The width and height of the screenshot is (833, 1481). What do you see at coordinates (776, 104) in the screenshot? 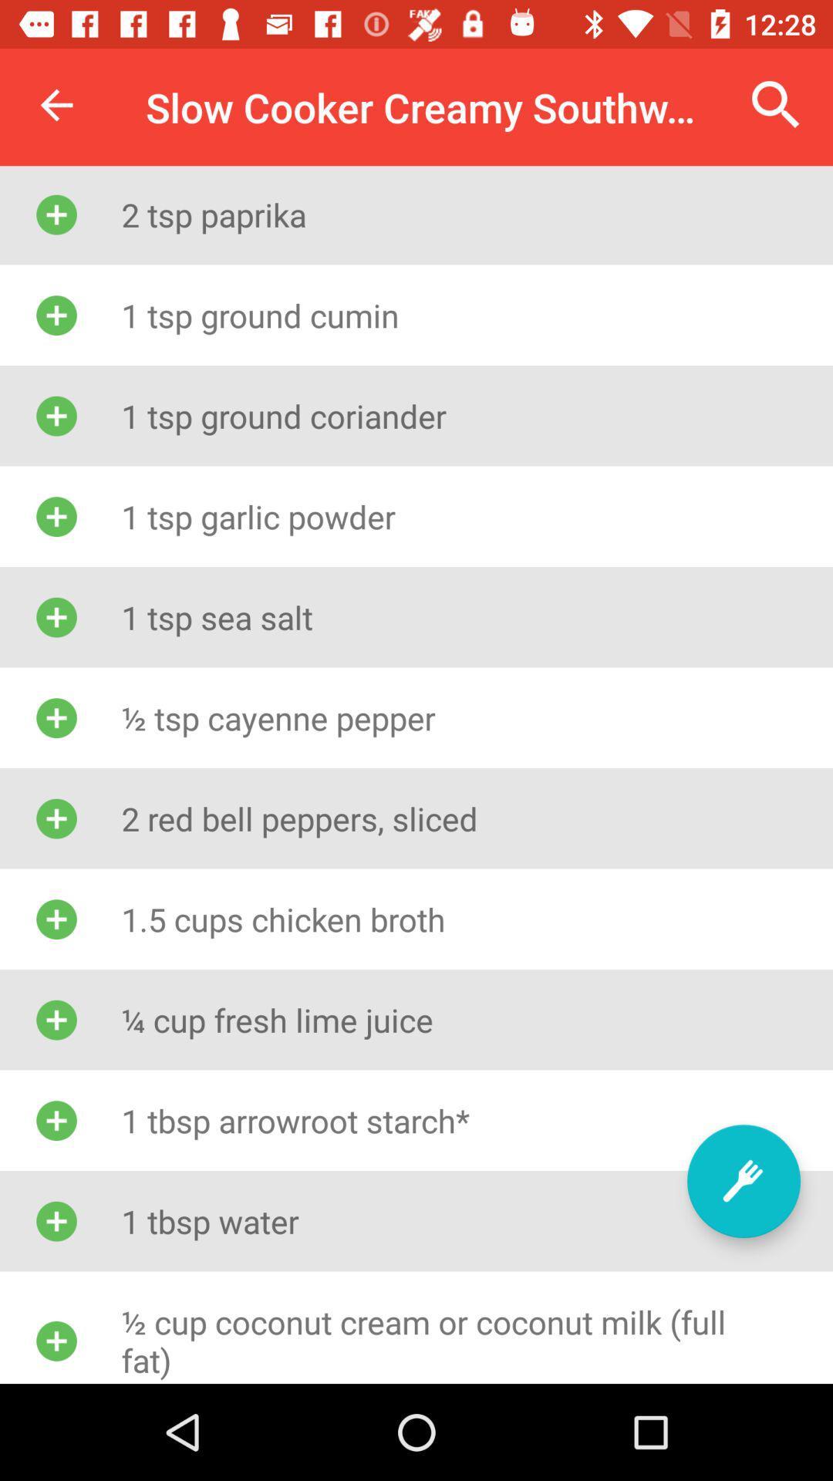
I see `the icon at the top right corner` at bounding box center [776, 104].